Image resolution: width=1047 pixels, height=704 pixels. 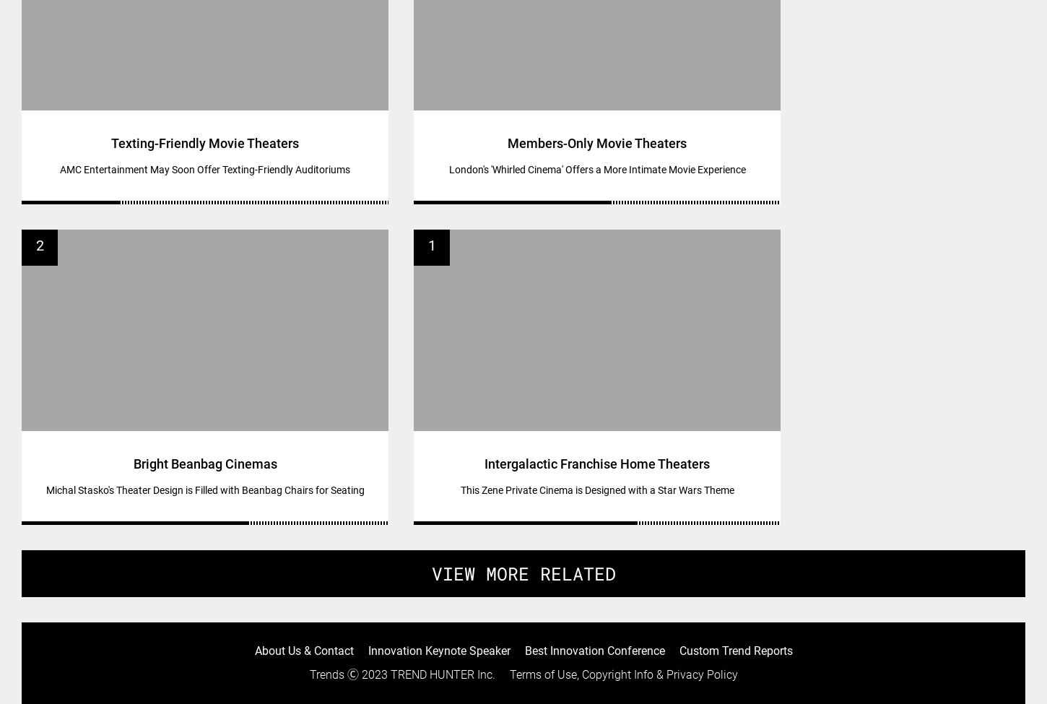 What do you see at coordinates (343, 673) in the screenshot?
I see `'Ⓒ 2023'` at bounding box center [343, 673].